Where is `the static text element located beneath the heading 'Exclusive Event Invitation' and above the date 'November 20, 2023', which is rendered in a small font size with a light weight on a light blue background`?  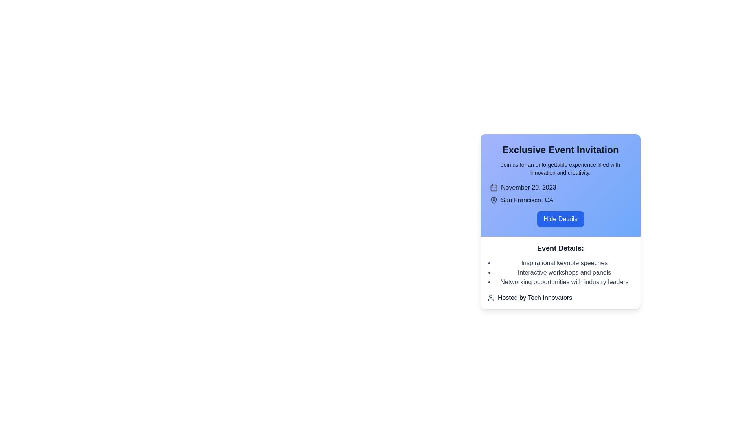
the static text element located beneath the heading 'Exclusive Event Invitation' and above the date 'November 20, 2023', which is rendered in a small font size with a light weight on a light blue background is located at coordinates (560, 168).